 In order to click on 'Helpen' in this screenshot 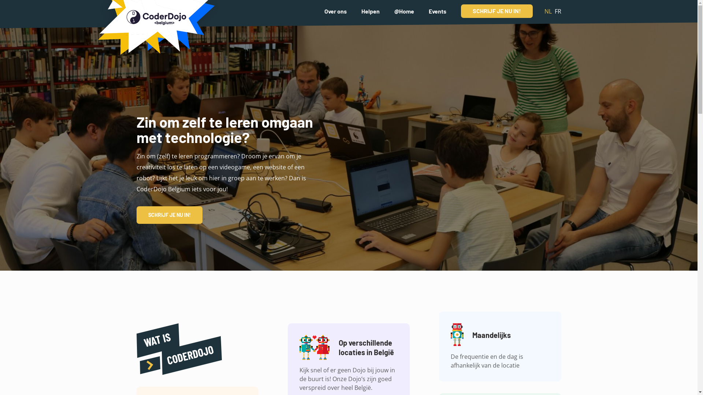, I will do `click(370, 11)`.